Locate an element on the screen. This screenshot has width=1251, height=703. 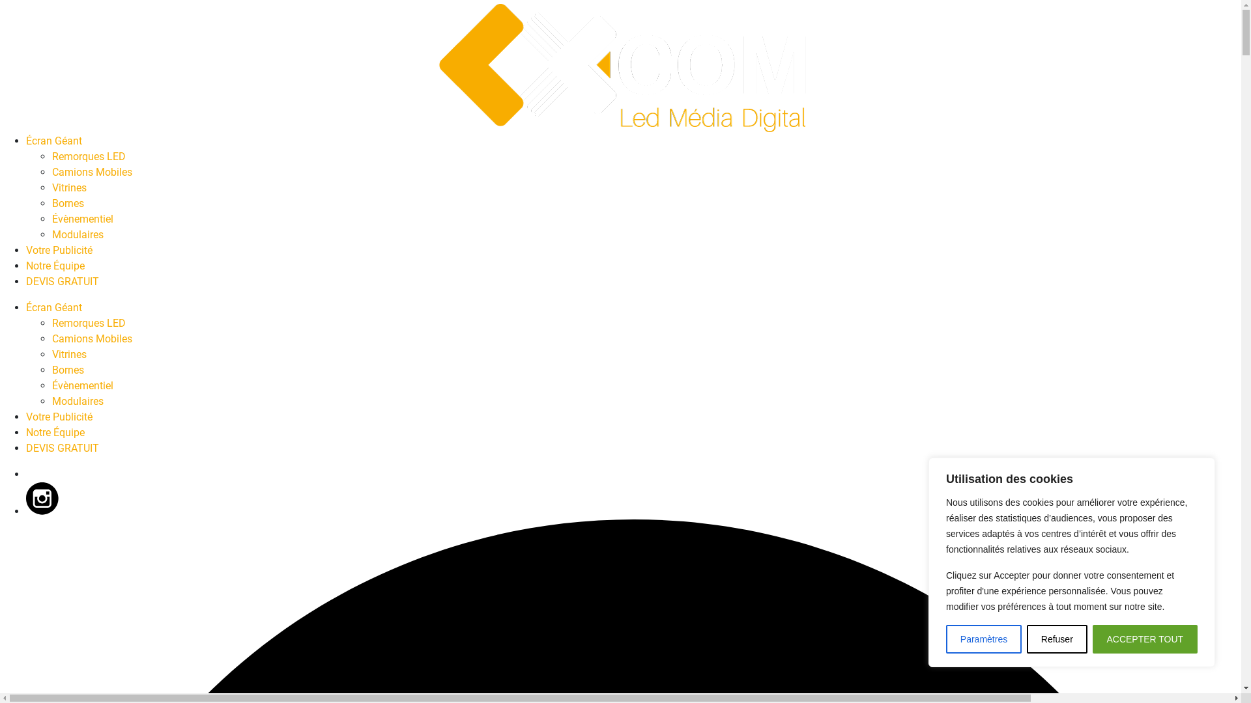
'ACCEPTER TOUT' is located at coordinates (1144, 639).